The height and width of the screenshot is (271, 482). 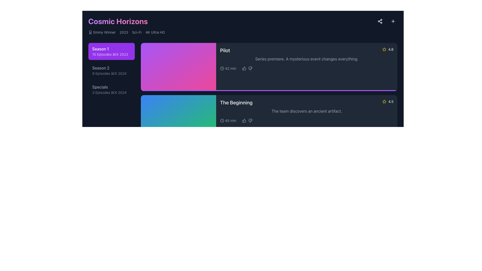 What do you see at coordinates (111, 74) in the screenshot?
I see `the text label providing information about 'Season 2', which is positioned below 'Season 1' and above 'Specials' in the list of seasons` at bounding box center [111, 74].